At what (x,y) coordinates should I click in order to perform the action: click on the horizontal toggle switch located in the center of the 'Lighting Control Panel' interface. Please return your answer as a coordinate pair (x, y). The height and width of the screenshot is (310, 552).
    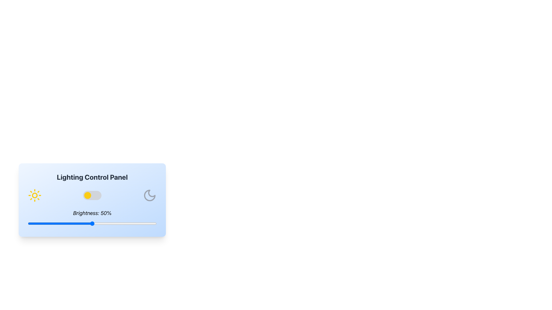
    Looking at the image, I should click on (92, 195).